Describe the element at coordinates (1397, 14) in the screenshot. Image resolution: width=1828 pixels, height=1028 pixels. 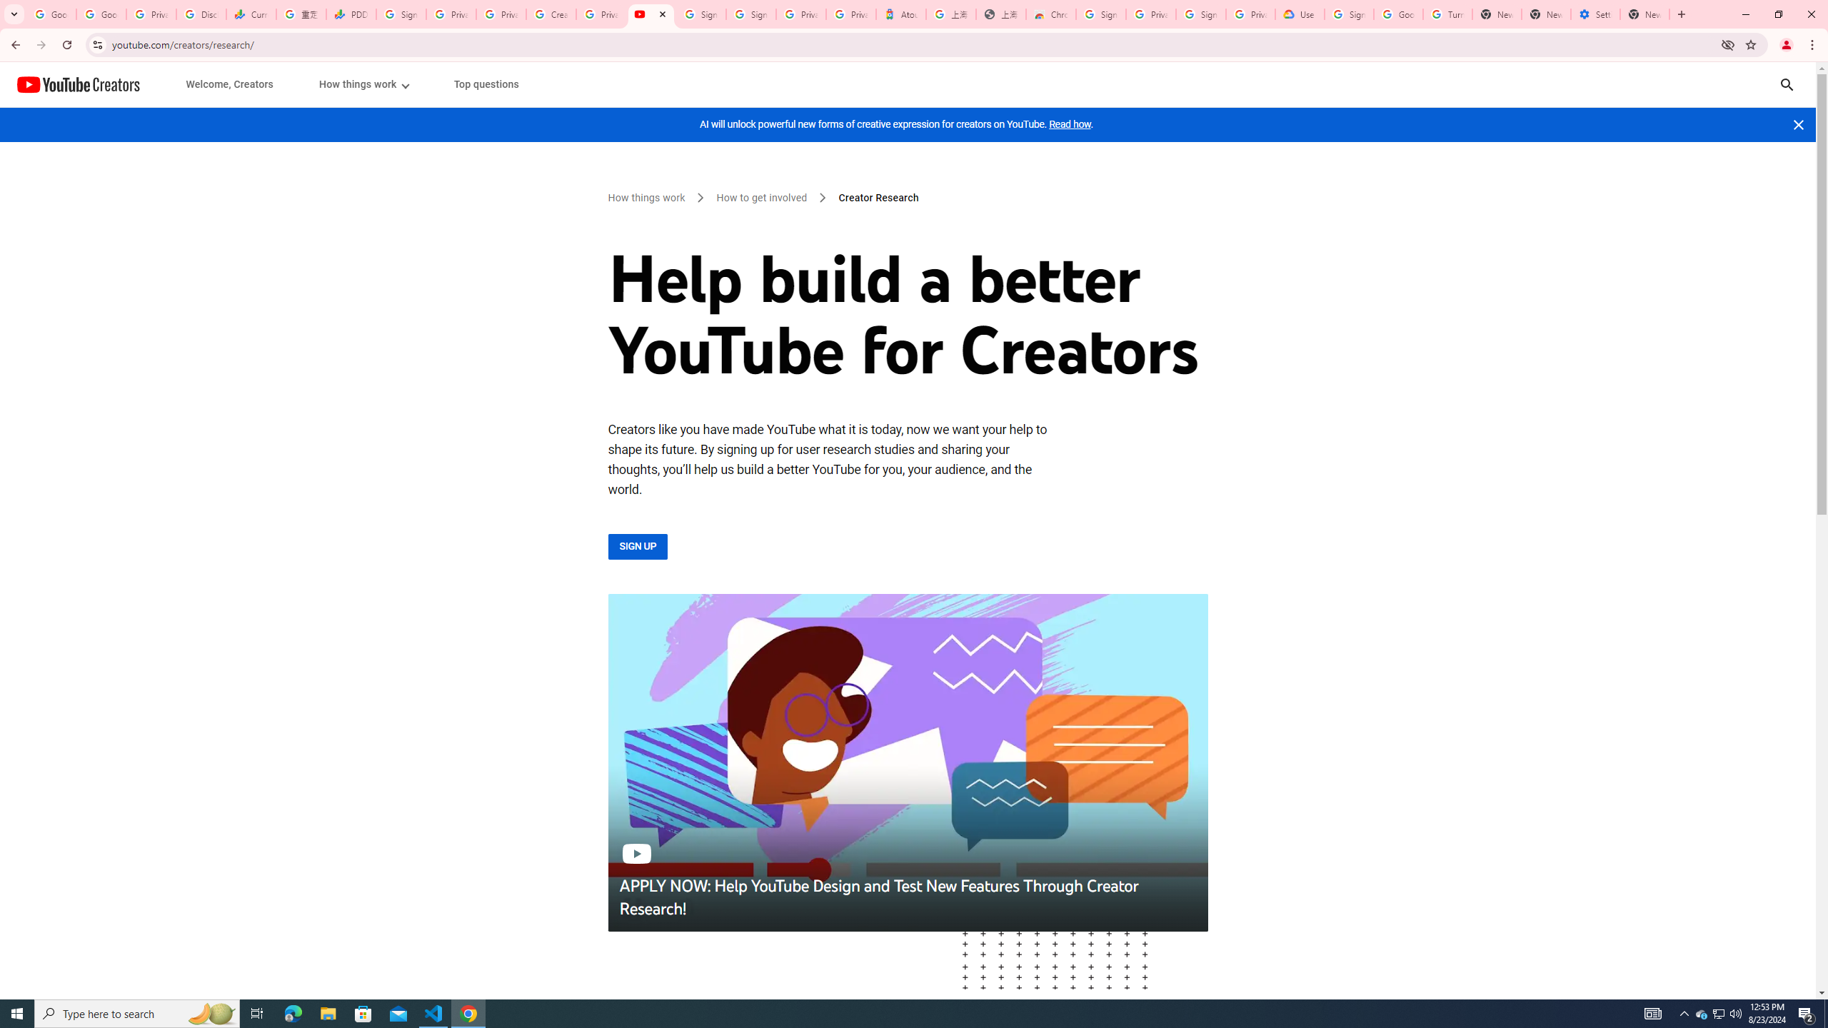
I see `'Google Account Help'` at that location.